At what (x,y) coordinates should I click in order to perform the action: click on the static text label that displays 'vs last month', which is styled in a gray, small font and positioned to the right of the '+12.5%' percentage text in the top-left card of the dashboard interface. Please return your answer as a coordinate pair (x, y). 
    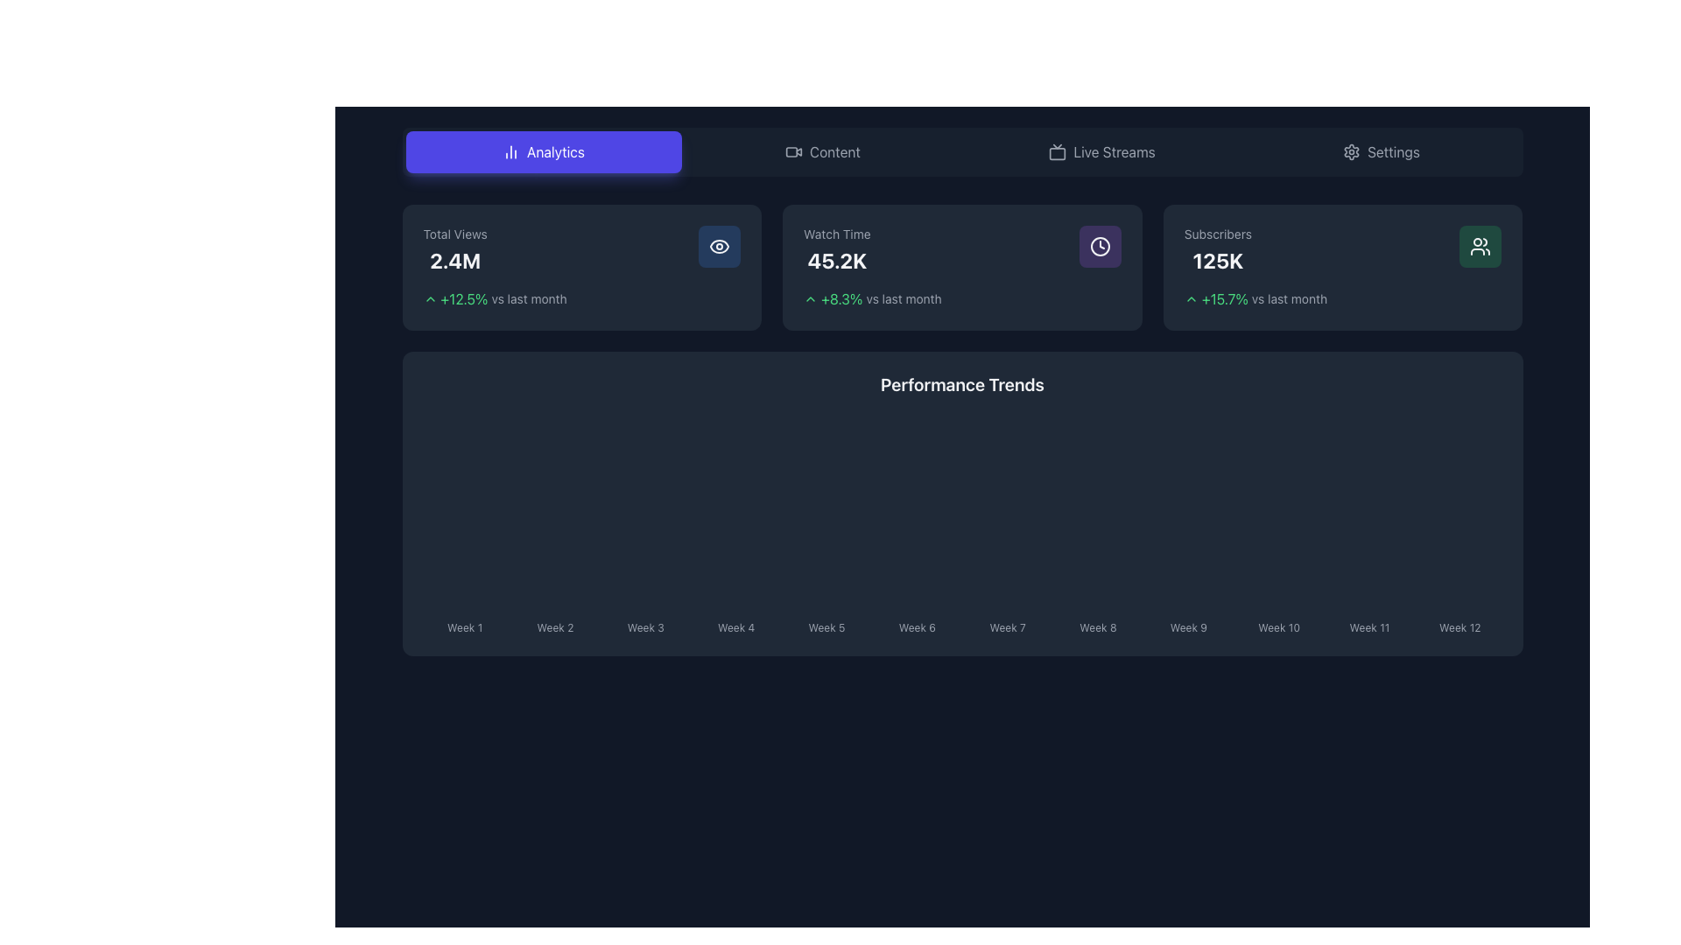
    Looking at the image, I should click on (528, 298).